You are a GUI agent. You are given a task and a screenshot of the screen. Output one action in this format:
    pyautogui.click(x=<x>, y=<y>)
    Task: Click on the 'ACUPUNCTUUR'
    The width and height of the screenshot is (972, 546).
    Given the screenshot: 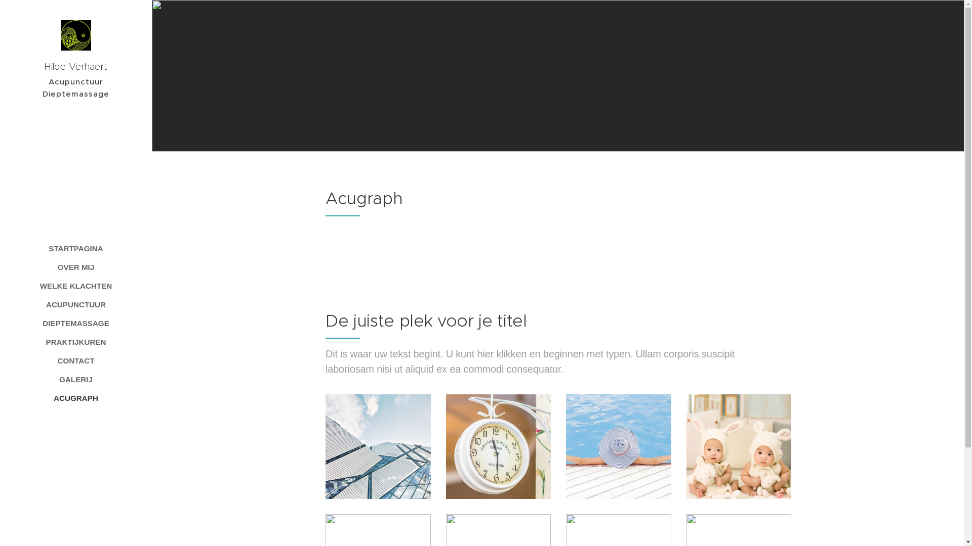 What is the action you would take?
    pyautogui.click(x=3, y=304)
    